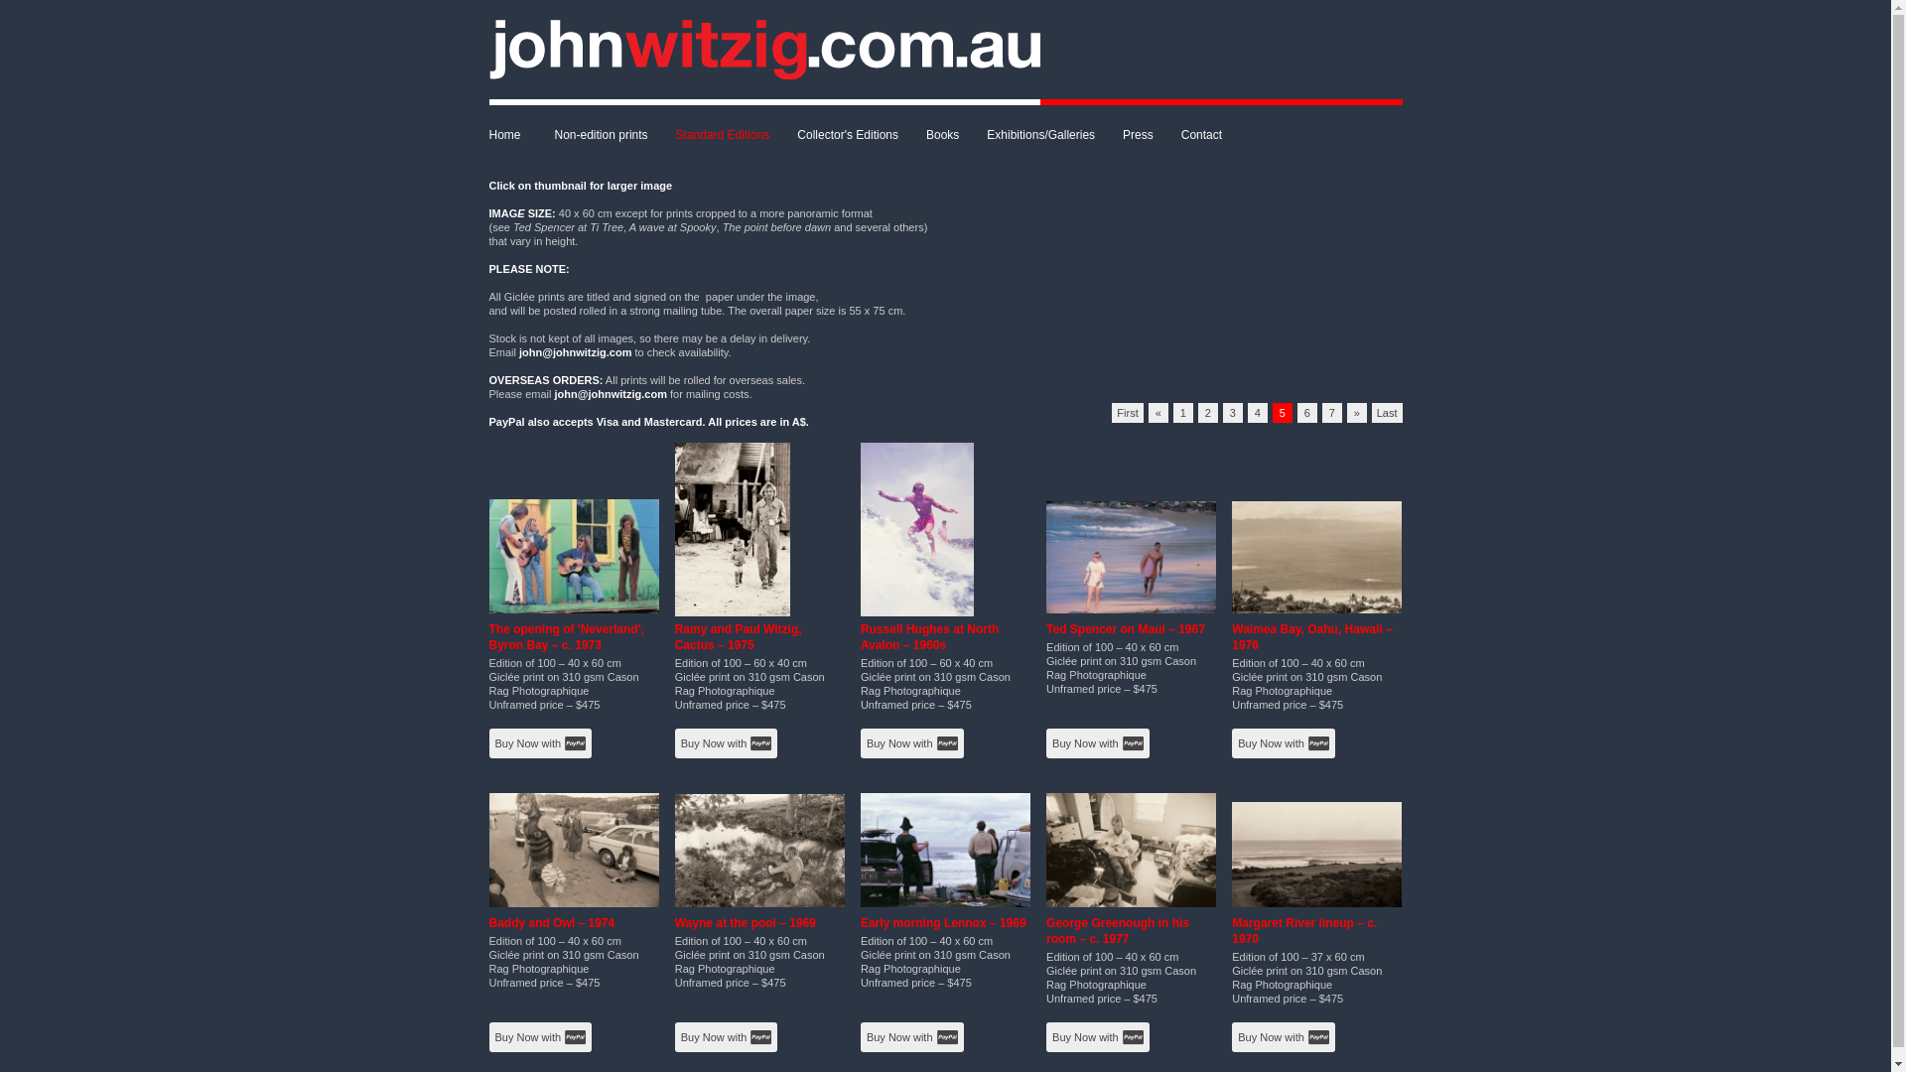 The image size is (1906, 1072). What do you see at coordinates (848, 134) in the screenshot?
I see `'Collector's Editions'` at bounding box center [848, 134].